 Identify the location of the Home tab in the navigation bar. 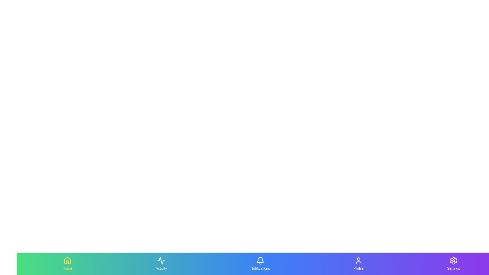
(67, 264).